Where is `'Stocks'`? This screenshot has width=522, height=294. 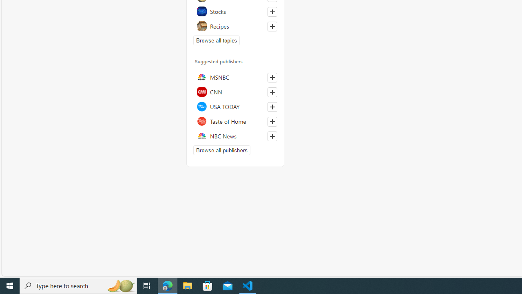 'Stocks' is located at coordinates (235, 11).